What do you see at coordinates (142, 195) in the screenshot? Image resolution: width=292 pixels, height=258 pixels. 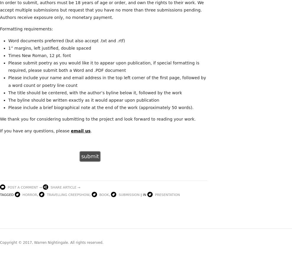 I see `'in'` at bounding box center [142, 195].